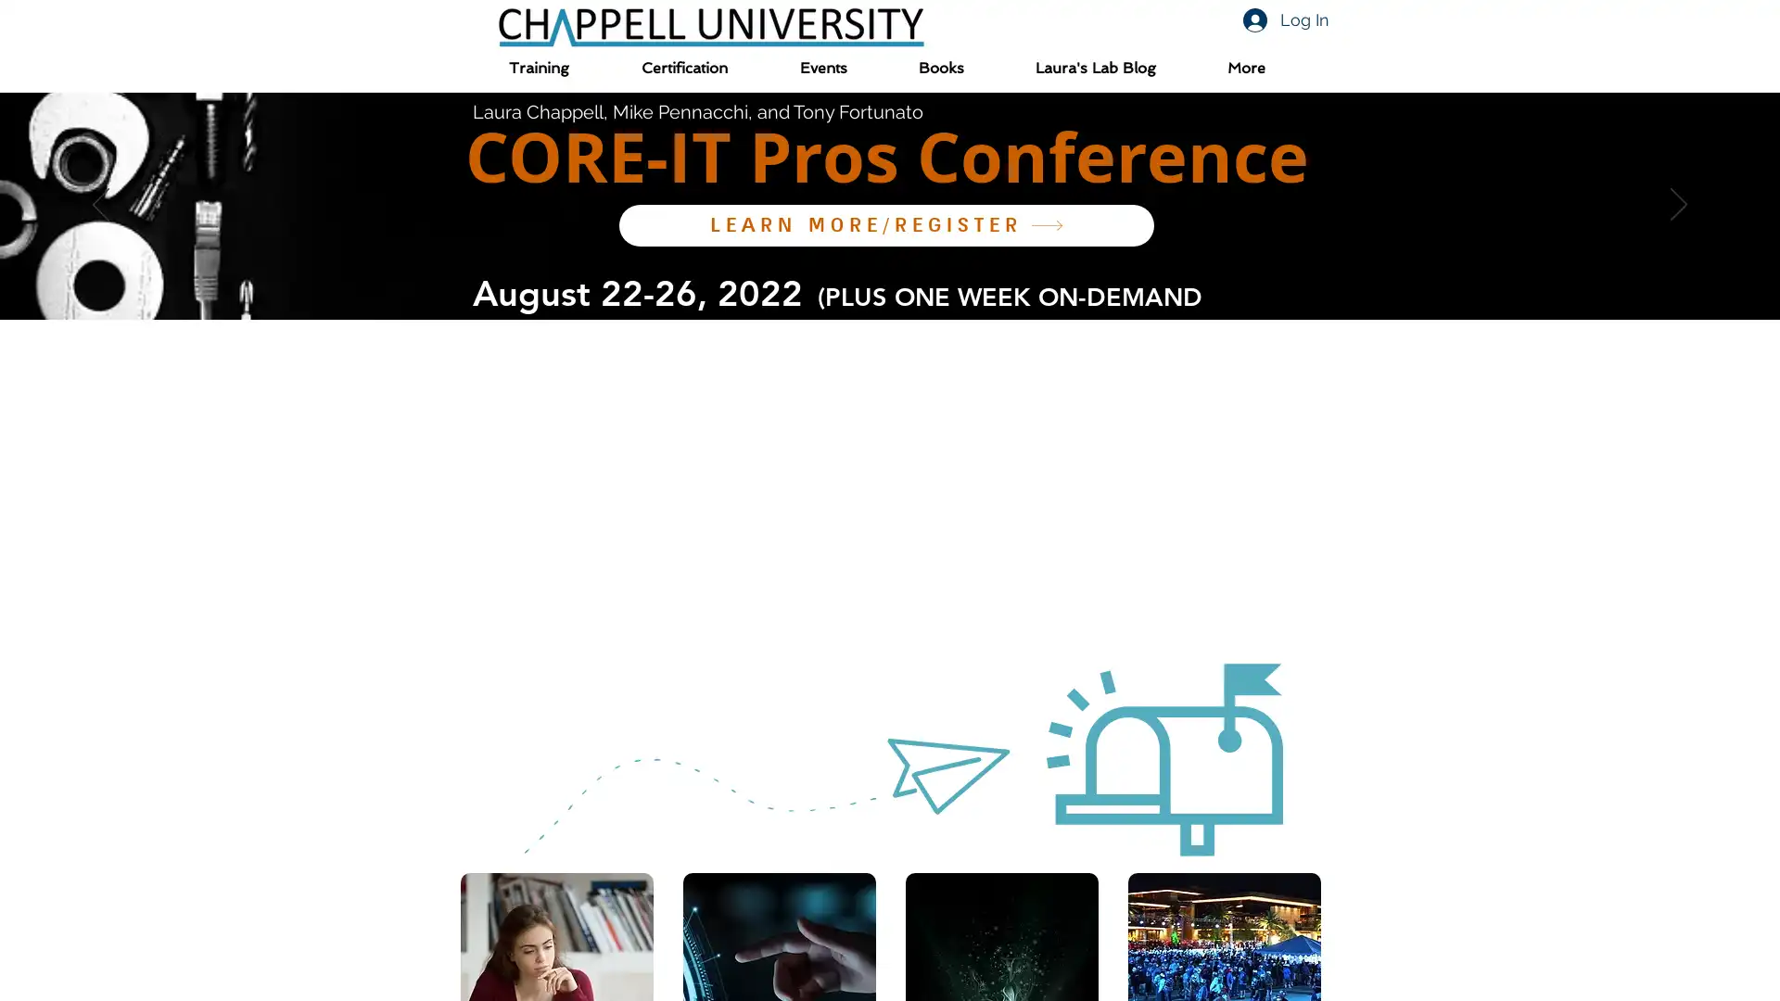 This screenshot has height=1001, width=1780. What do you see at coordinates (1678, 206) in the screenshot?
I see `Next` at bounding box center [1678, 206].